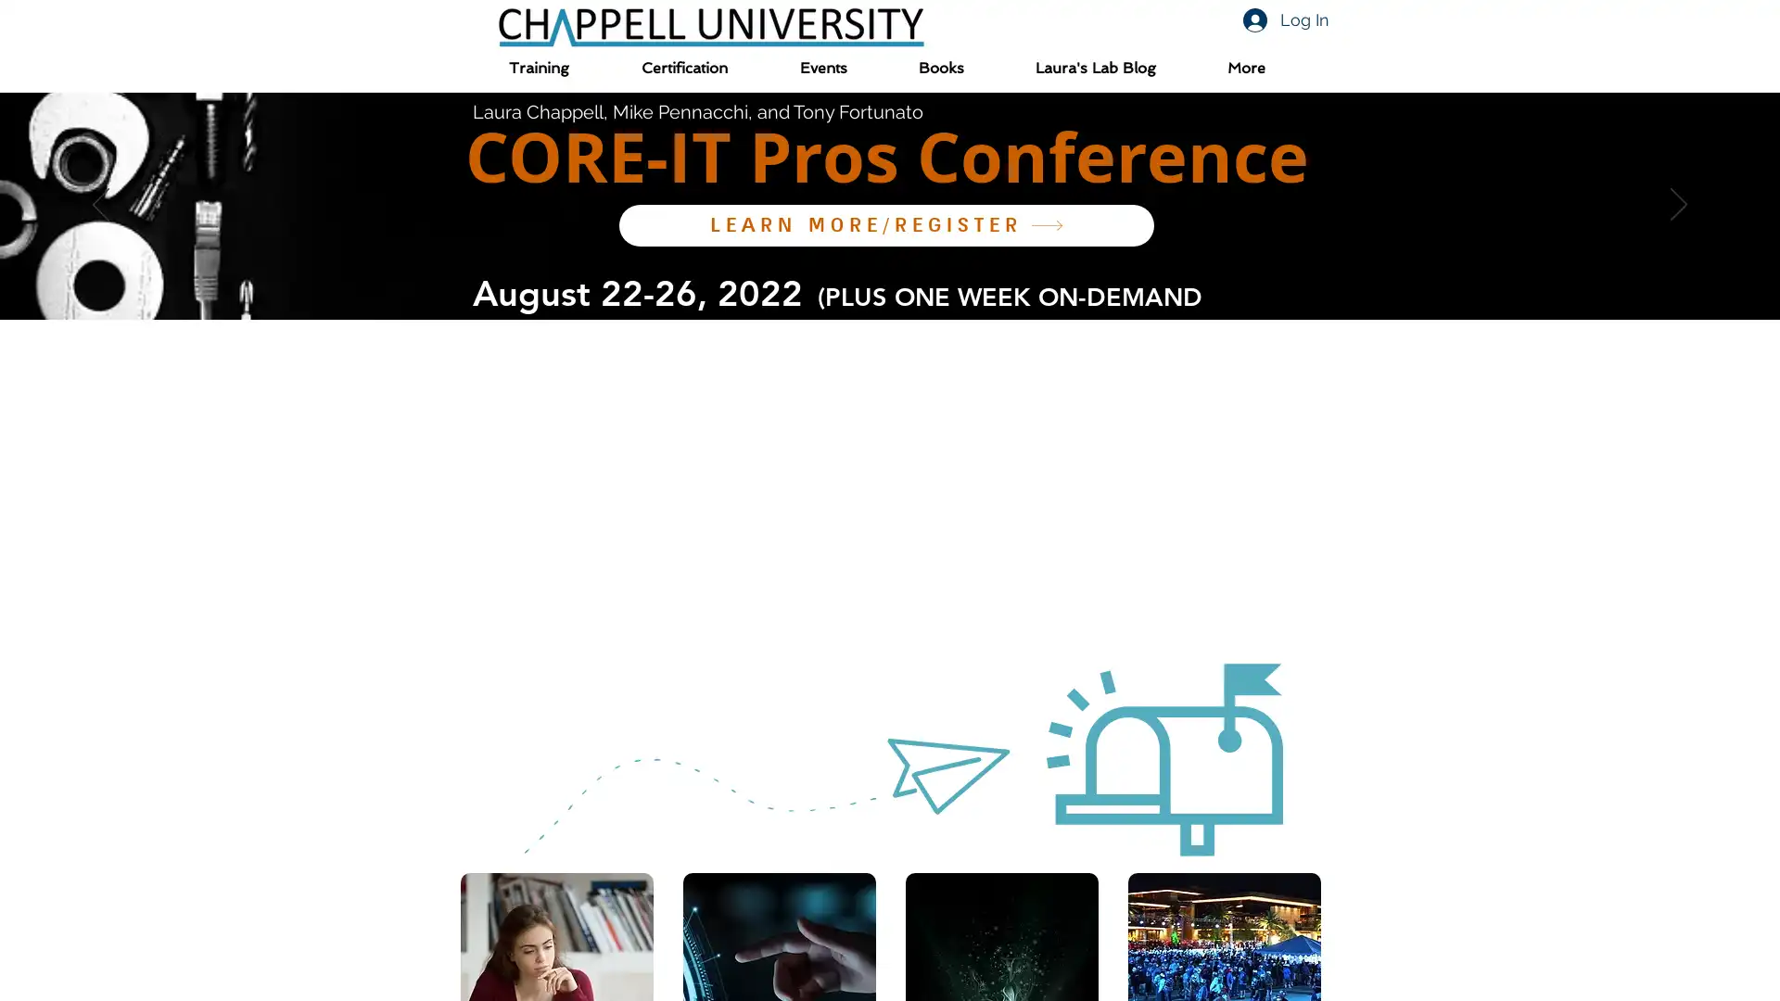 This screenshot has height=1001, width=1780. What do you see at coordinates (1678, 206) in the screenshot?
I see `Next` at bounding box center [1678, 206].